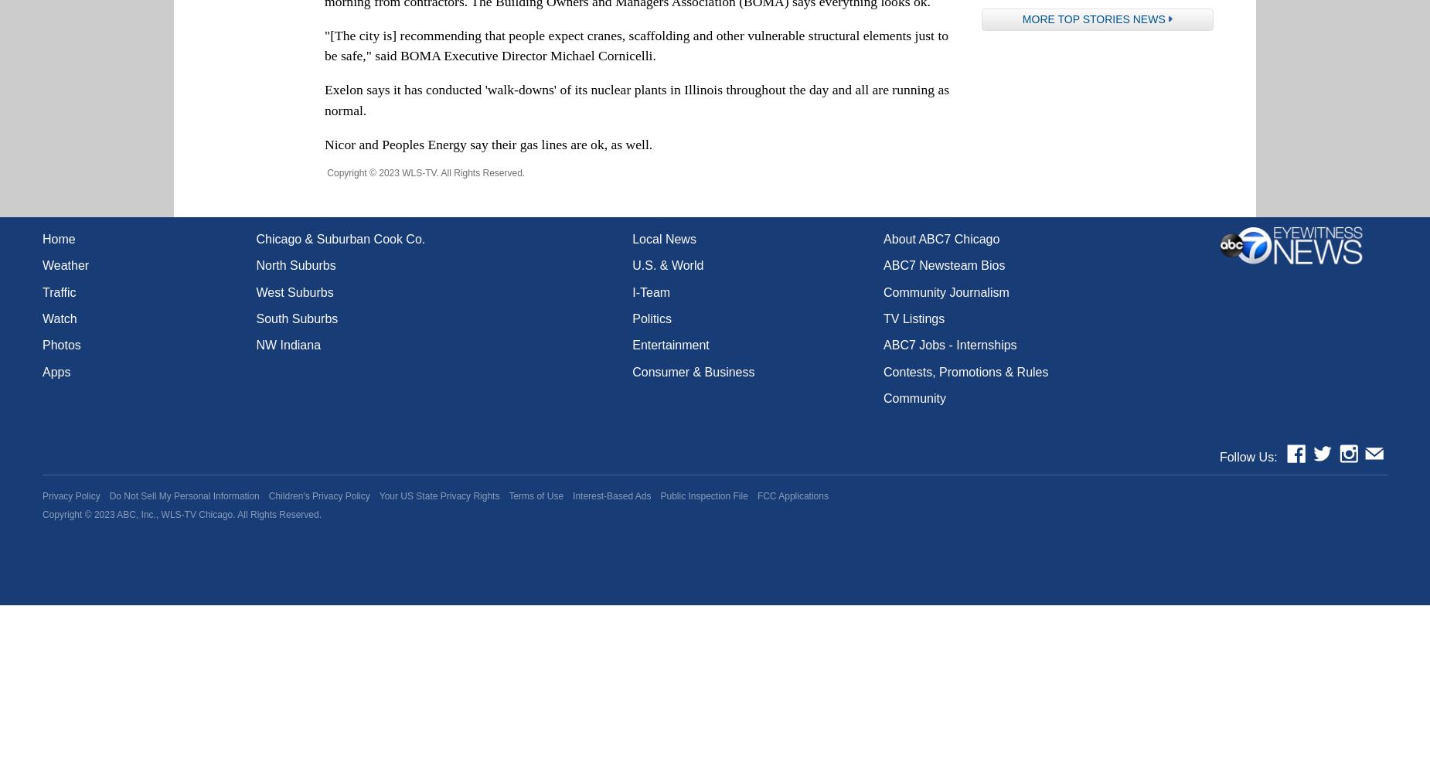 The height and width of the screenshot is (773, 1430). What do you see at coordinates (703, 495) in the screenshot?
I see `'Public Inspection File'` at bounding box center [703, 495].